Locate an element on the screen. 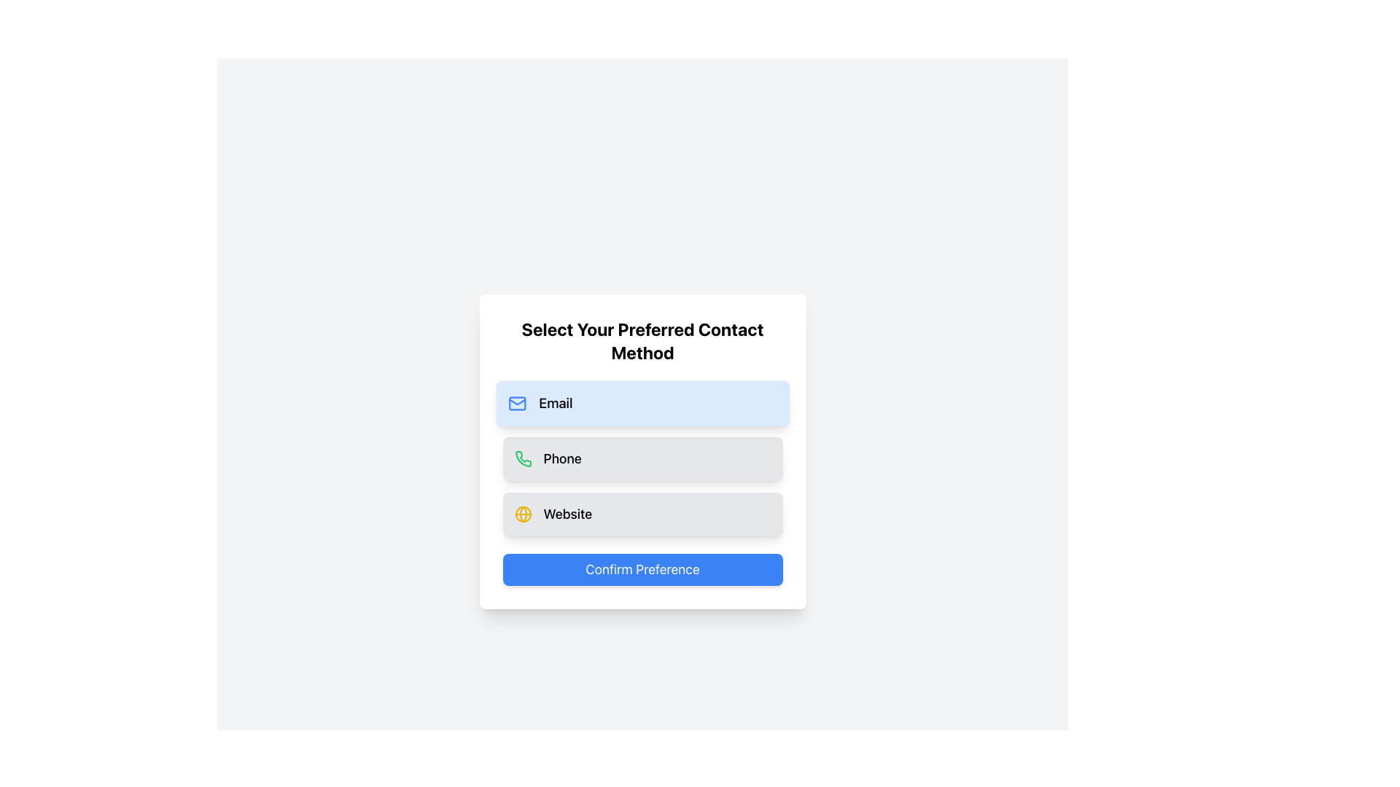  the 'Phone' text label located in the second row under 'Select Your Preferred Contact Method', to the right of the green phone icon is located at coordinates (561, 458).